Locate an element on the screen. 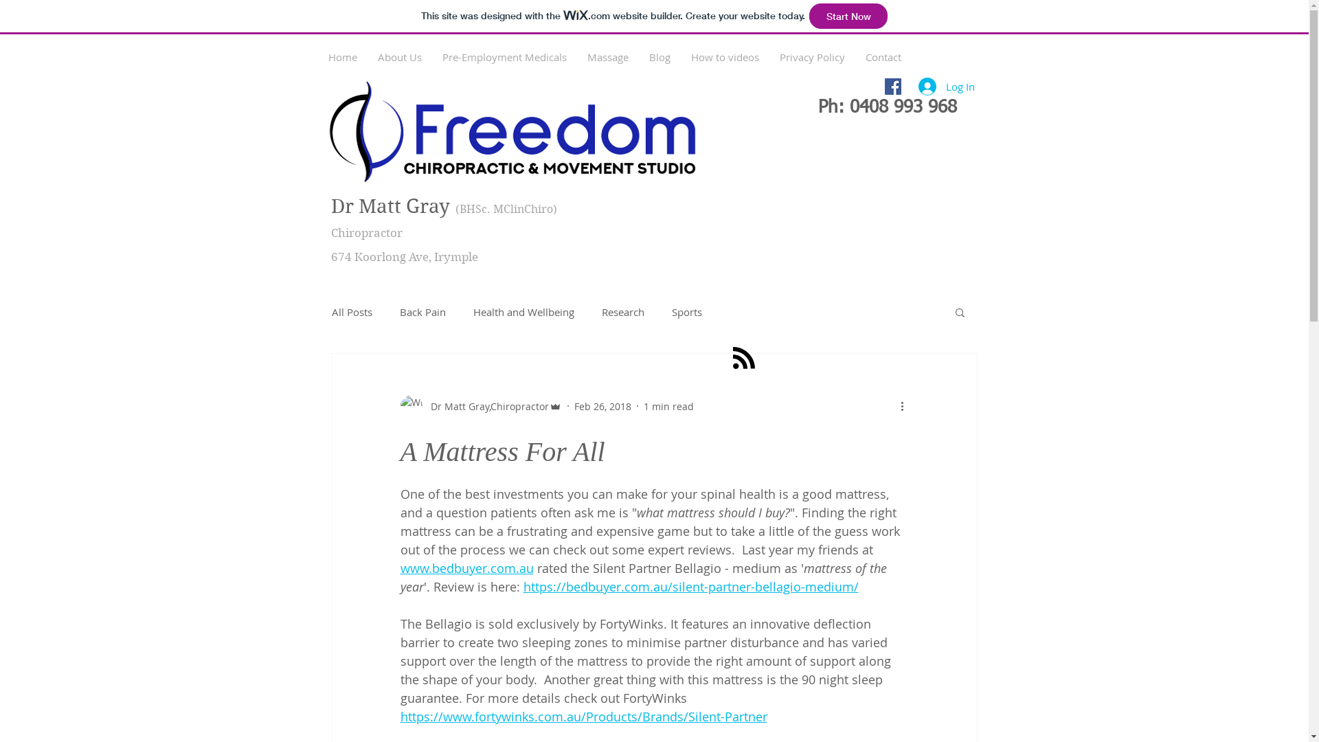 The image size is (1319, 742). 'Ph: 0408 993 968' is located at coordinates (887, 107).